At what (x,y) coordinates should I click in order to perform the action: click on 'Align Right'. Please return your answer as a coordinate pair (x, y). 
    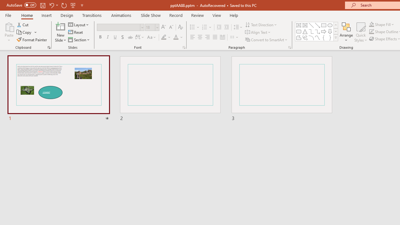
    Looking at the image, I should click on (207, 37).